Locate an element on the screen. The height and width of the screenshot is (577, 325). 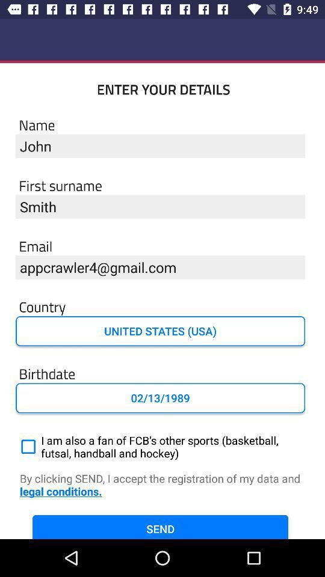
the icon below i am also is located at coordinates (162, 485).